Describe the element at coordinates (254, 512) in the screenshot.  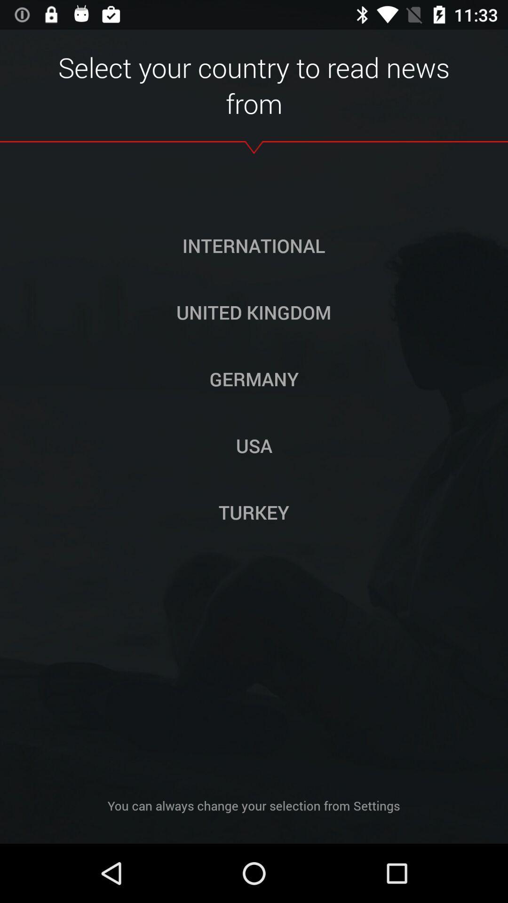
I see `item above the you can always icon` at that location.